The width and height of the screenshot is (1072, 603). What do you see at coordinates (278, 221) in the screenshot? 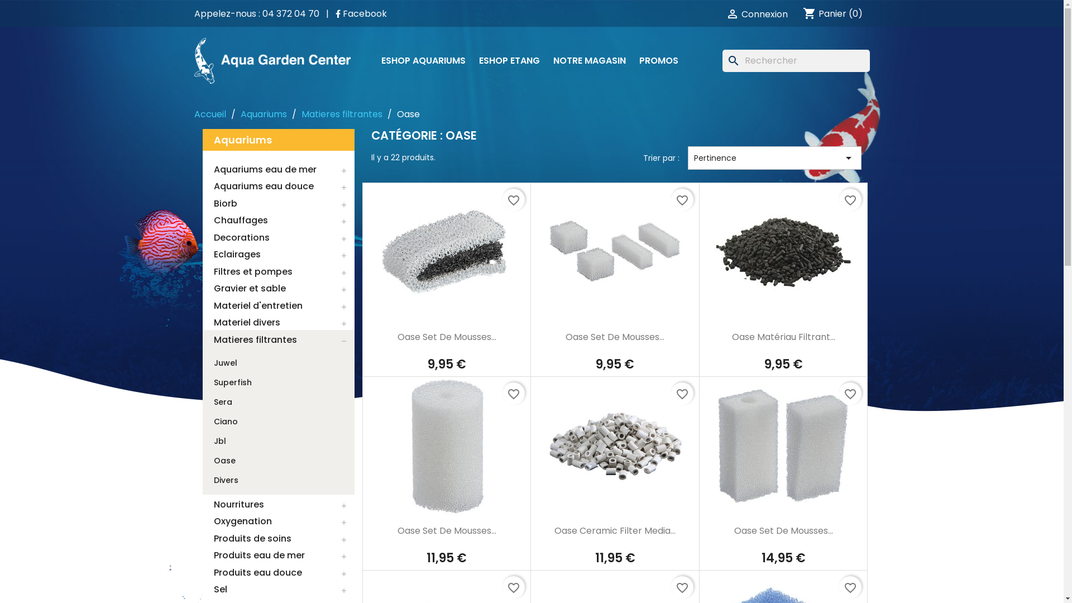
I see `'Chauffages'` at bounding box center [278, 221].